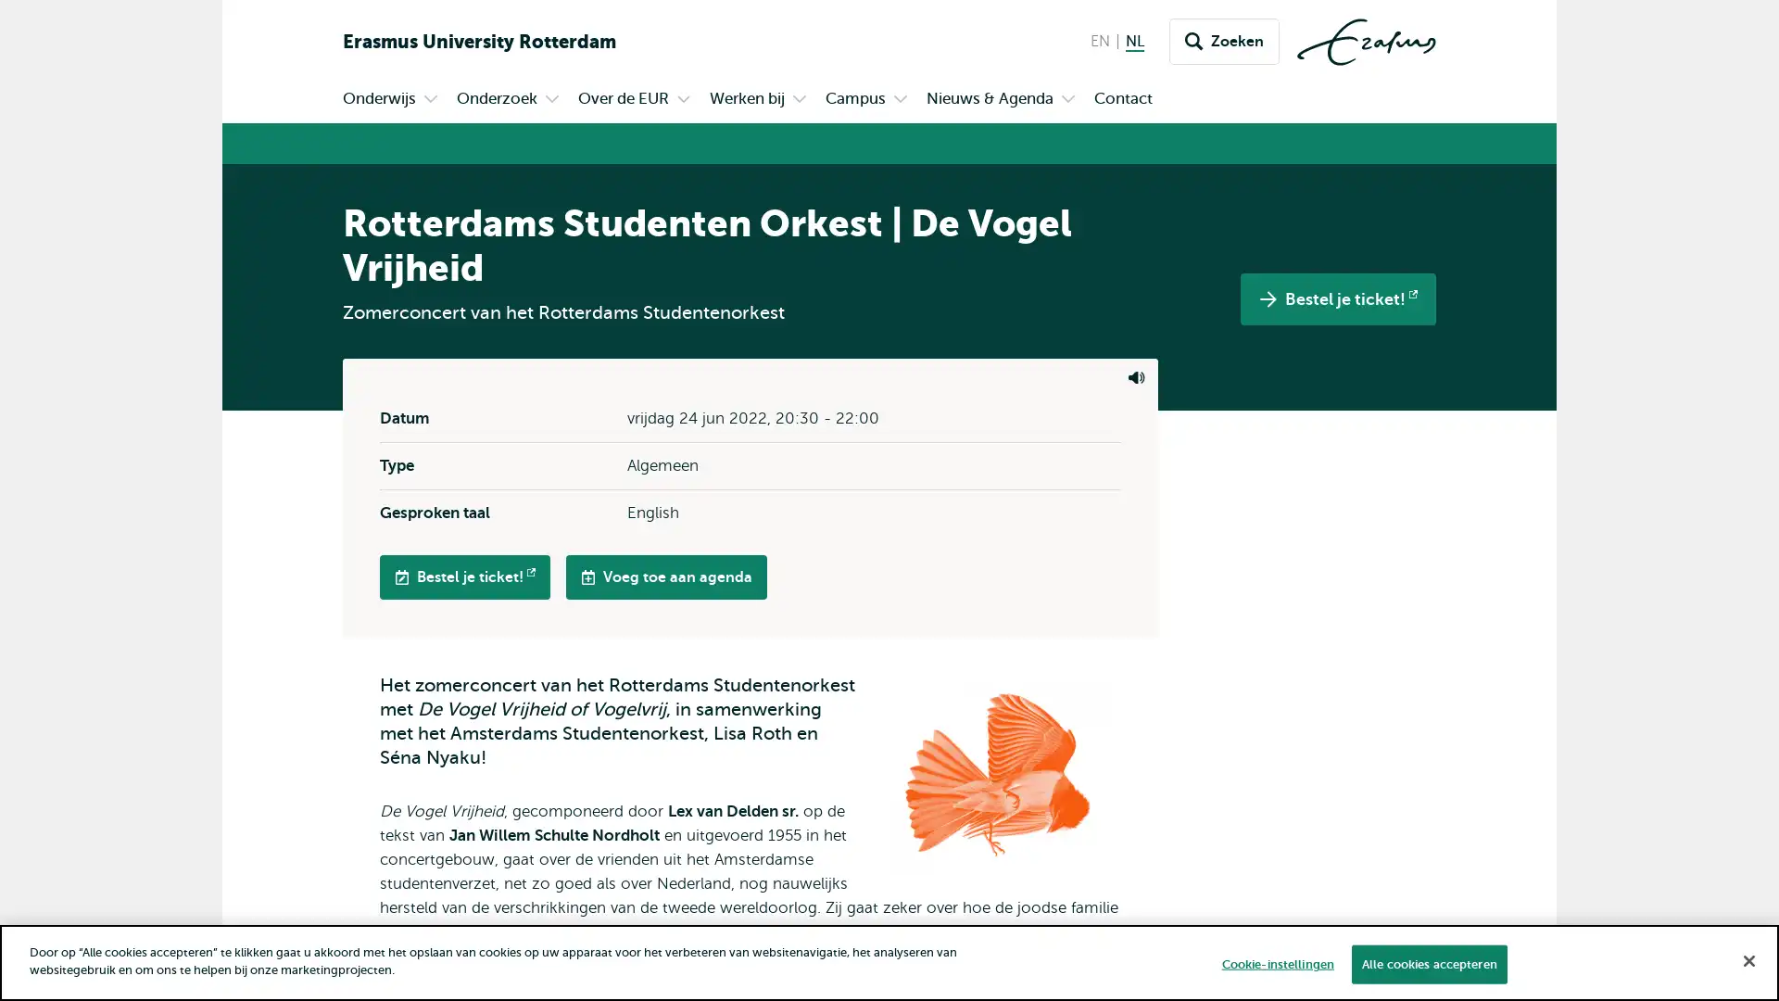 Image resolution: width=1779 pixels, height=1001 pixels. Describe the element at coordinates (550, 100) in the screenshot. I see `Open submenu` at that location.